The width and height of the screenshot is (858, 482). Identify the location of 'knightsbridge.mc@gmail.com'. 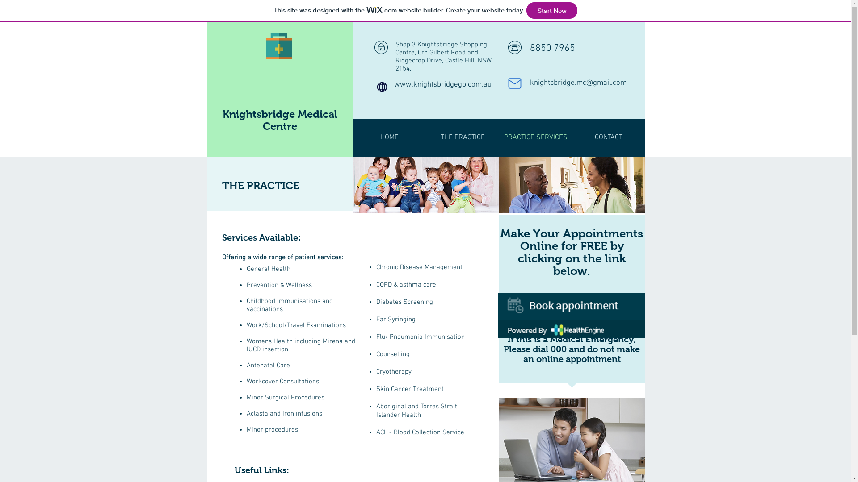
(530, 83).